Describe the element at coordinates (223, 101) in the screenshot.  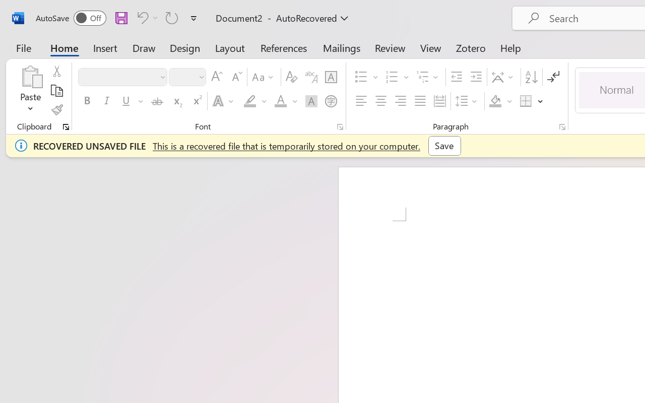
I see `'Text Effects and Typography'` at that location.